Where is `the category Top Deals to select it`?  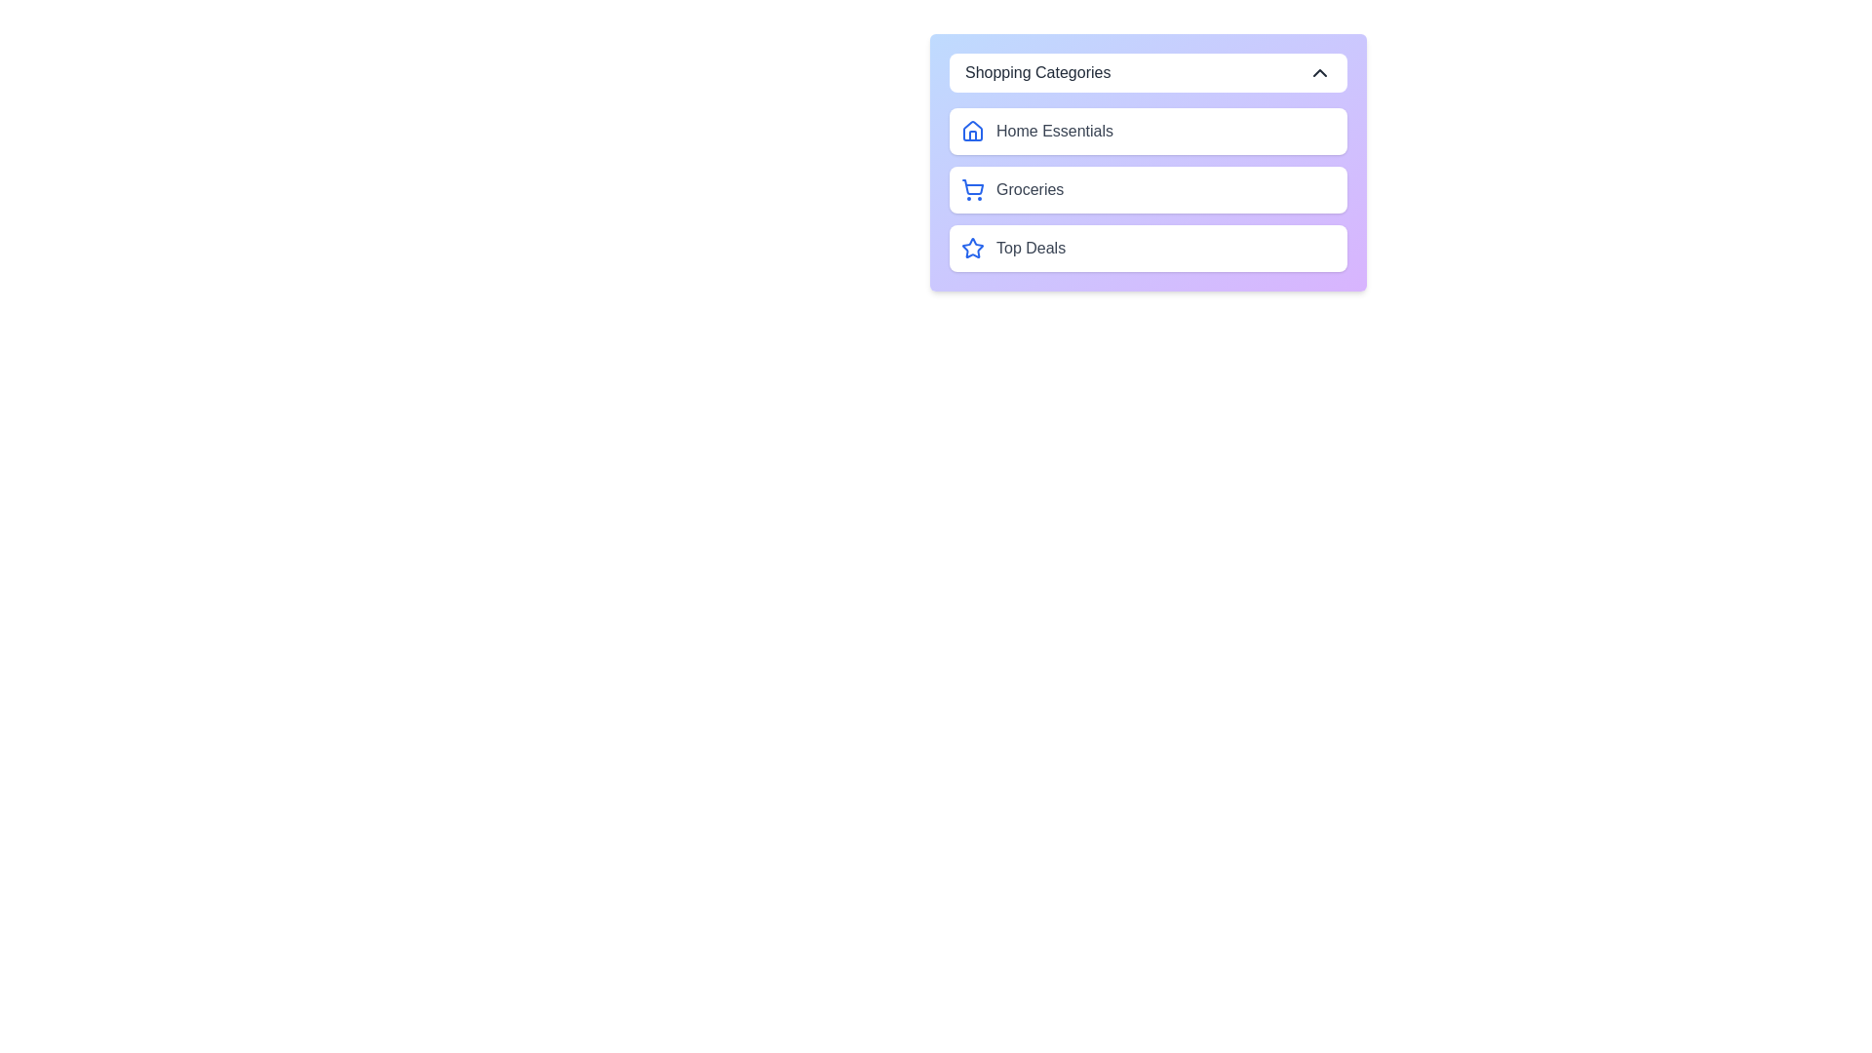 the category Top Deals to select it is located at coordinates (1148, 247).